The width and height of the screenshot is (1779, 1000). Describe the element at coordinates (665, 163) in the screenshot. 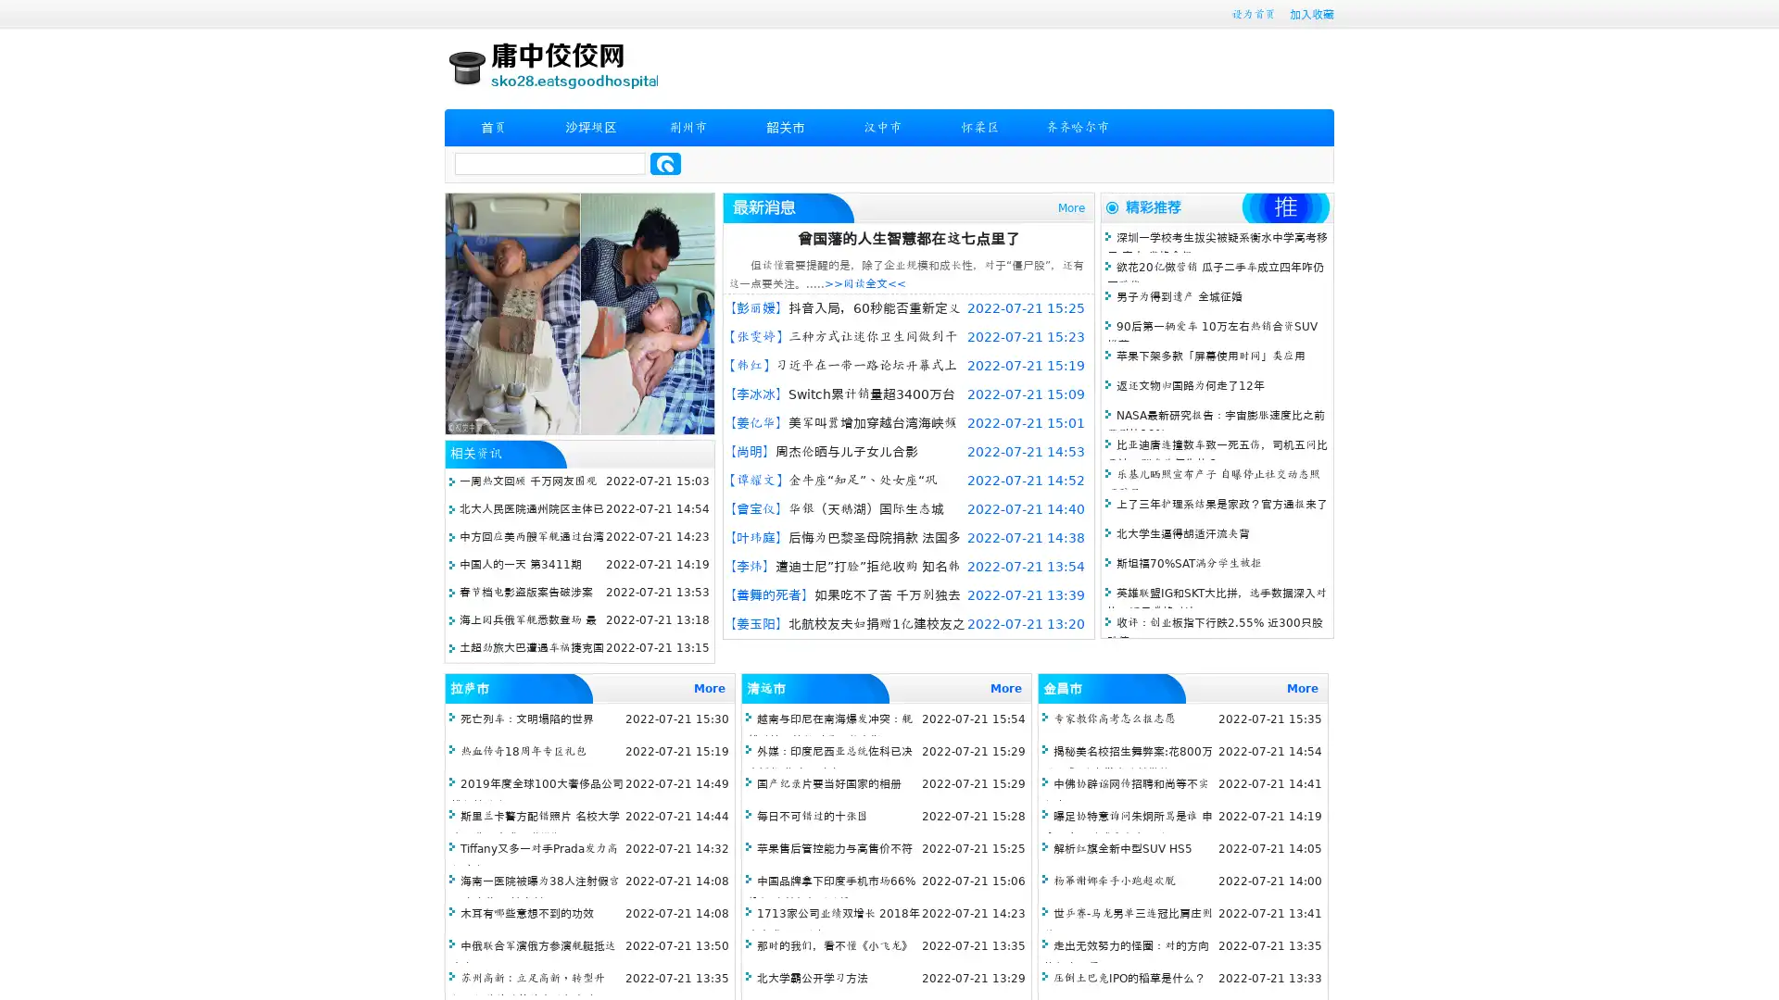

I see `Search` at that location.